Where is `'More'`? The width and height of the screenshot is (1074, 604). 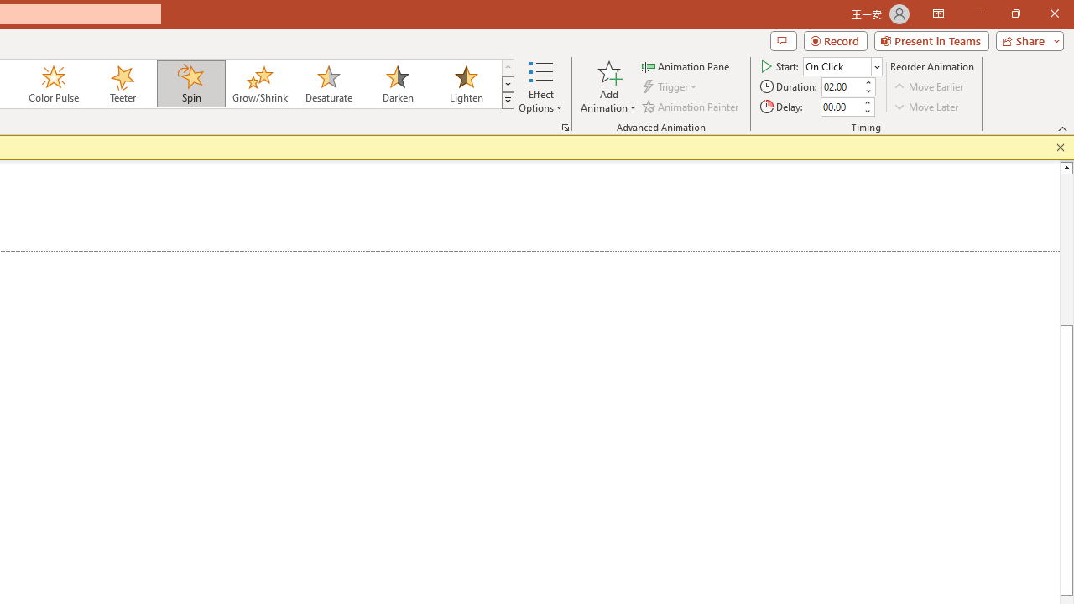 'More' is located at coordinates (867, 102).